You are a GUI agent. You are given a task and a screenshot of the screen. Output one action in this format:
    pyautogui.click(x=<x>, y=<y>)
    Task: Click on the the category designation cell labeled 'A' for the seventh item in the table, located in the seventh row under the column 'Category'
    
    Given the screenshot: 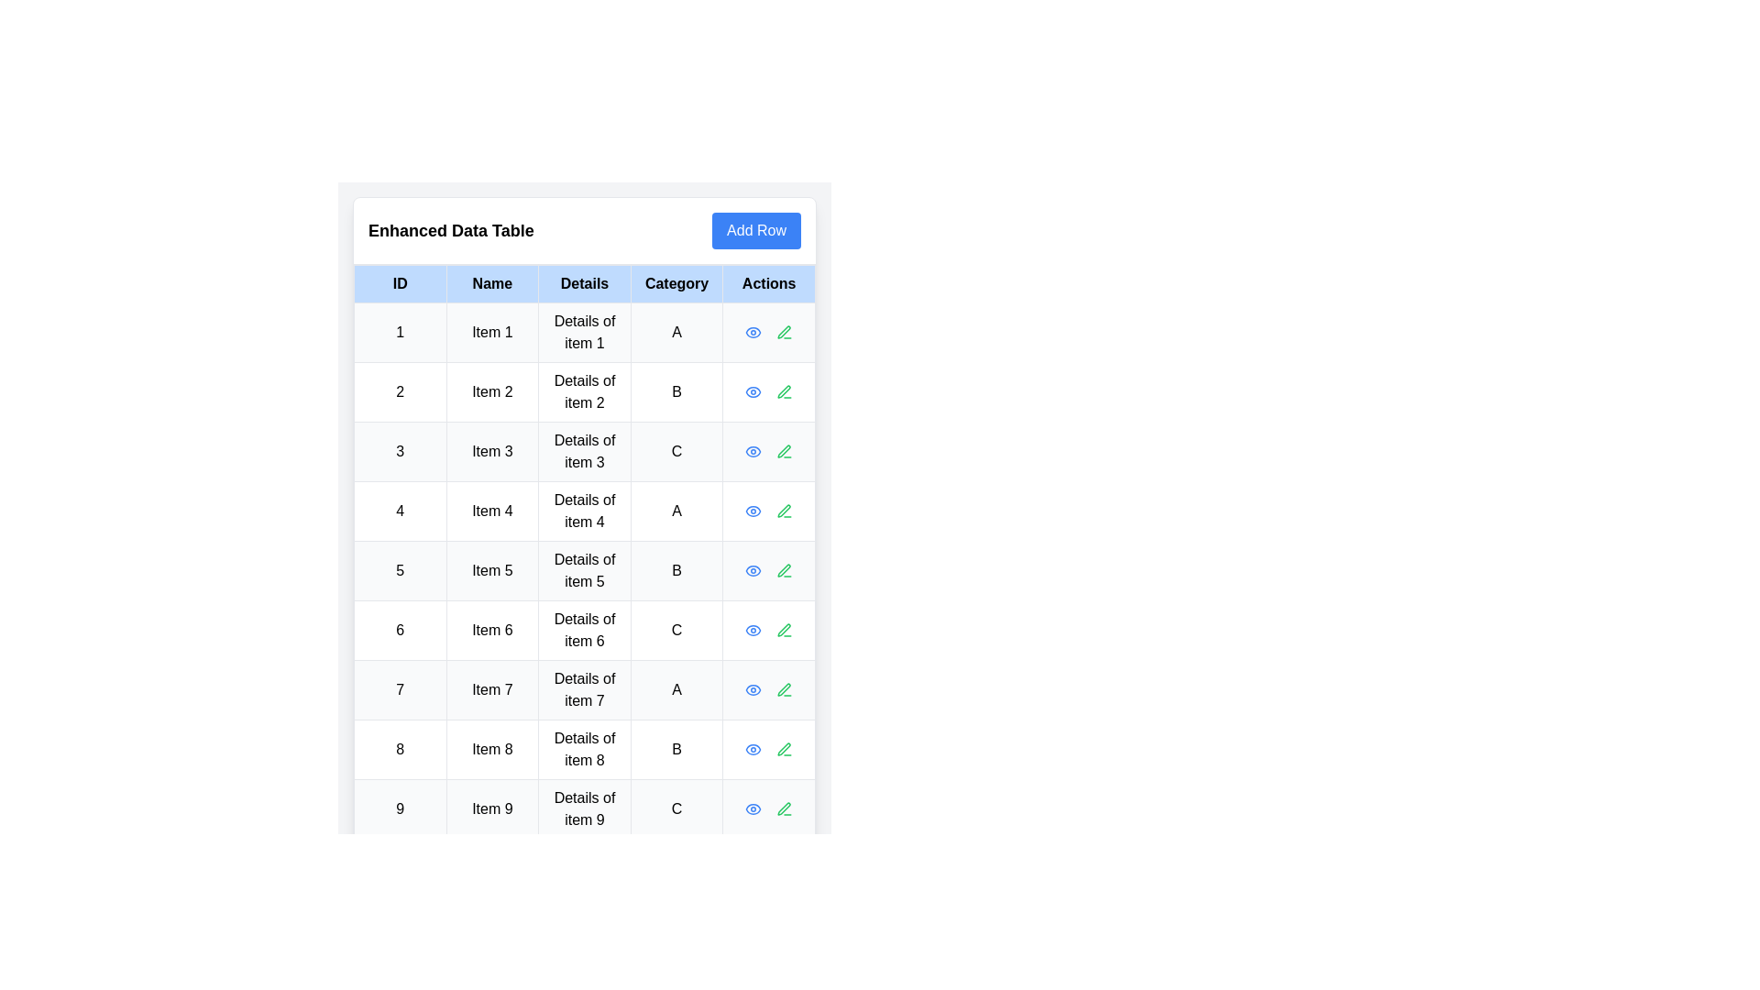 What is the action you would take?
    pyautogui.click(x=676, y=689)
    